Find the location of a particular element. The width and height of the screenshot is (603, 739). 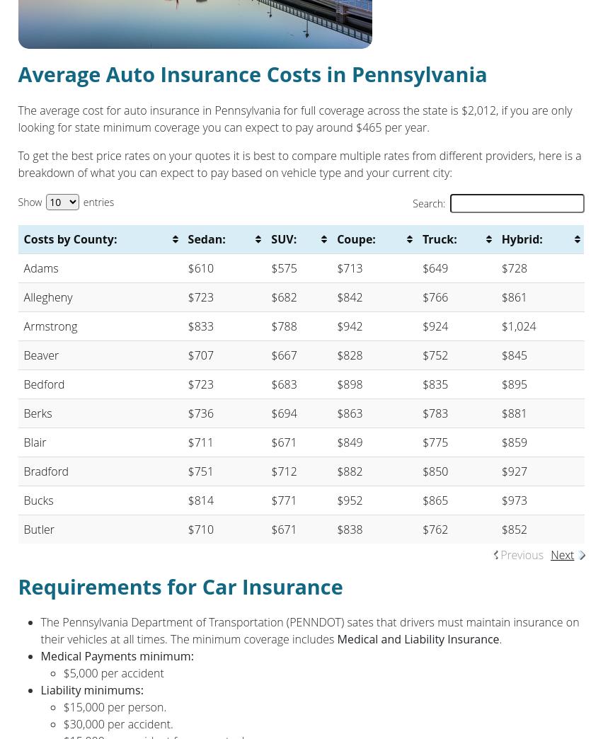

'1101 S. Front St.' is located at coordinates (59, 126).